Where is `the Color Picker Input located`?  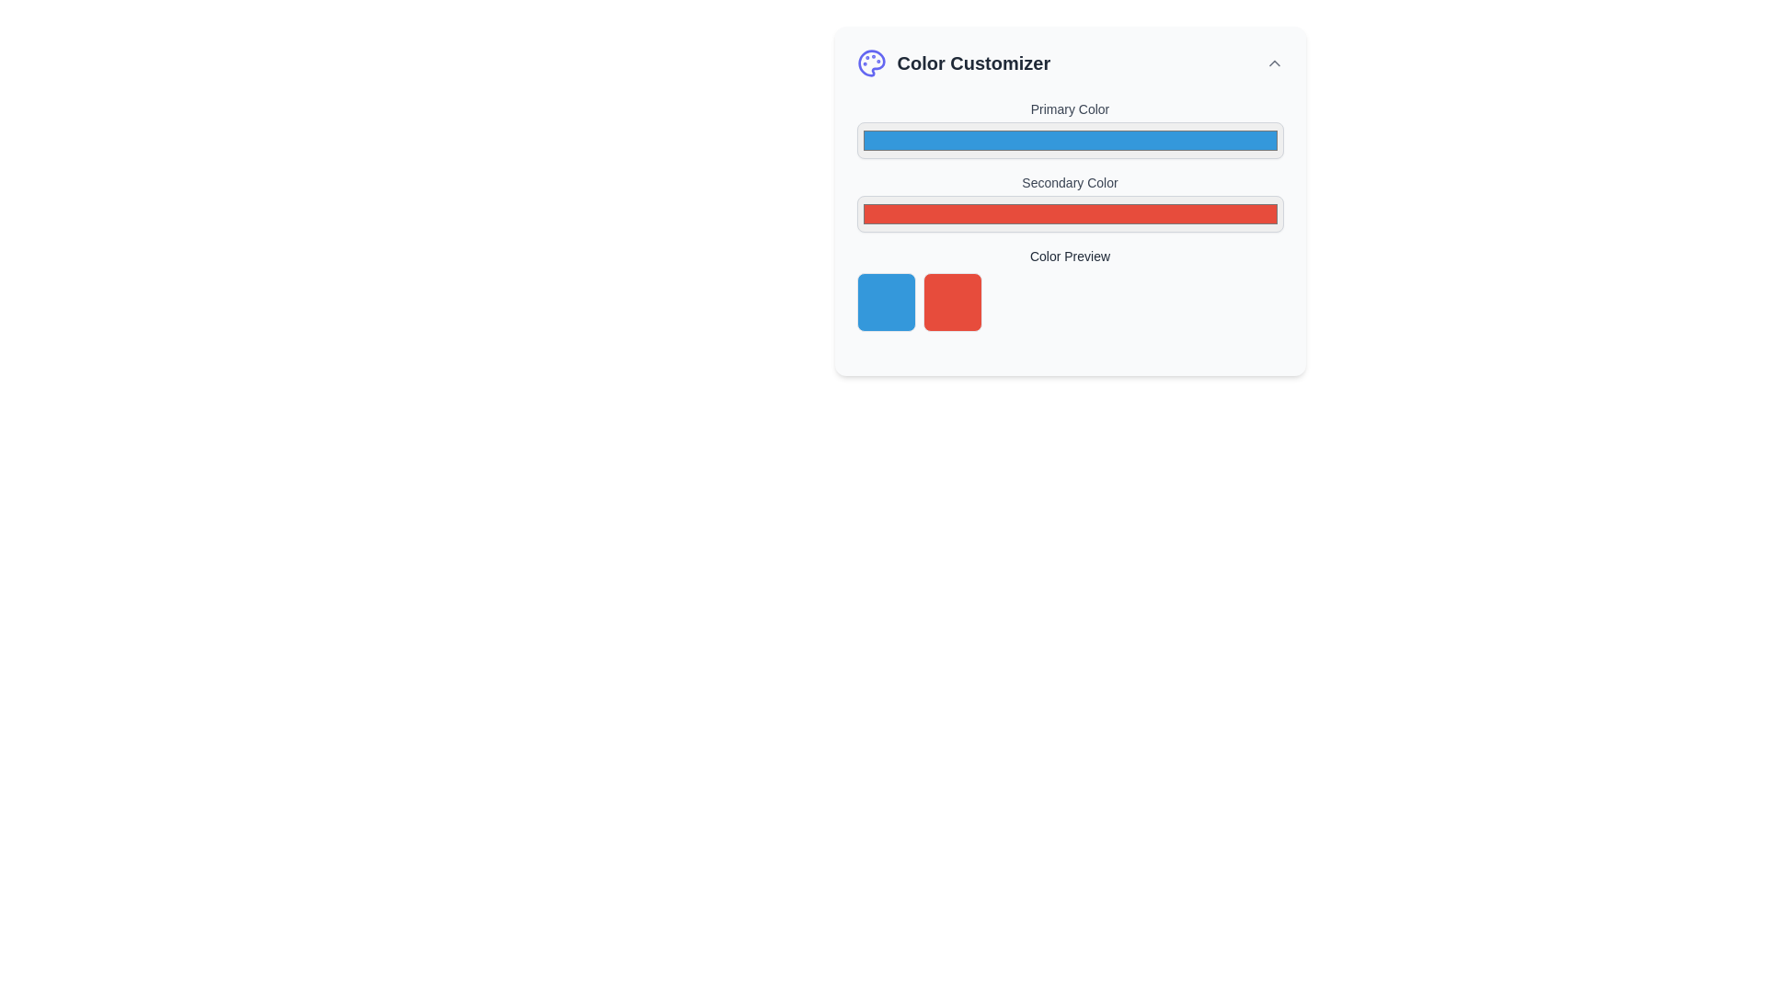
the Color Picker Input located is located at coordinates (1070, 212).